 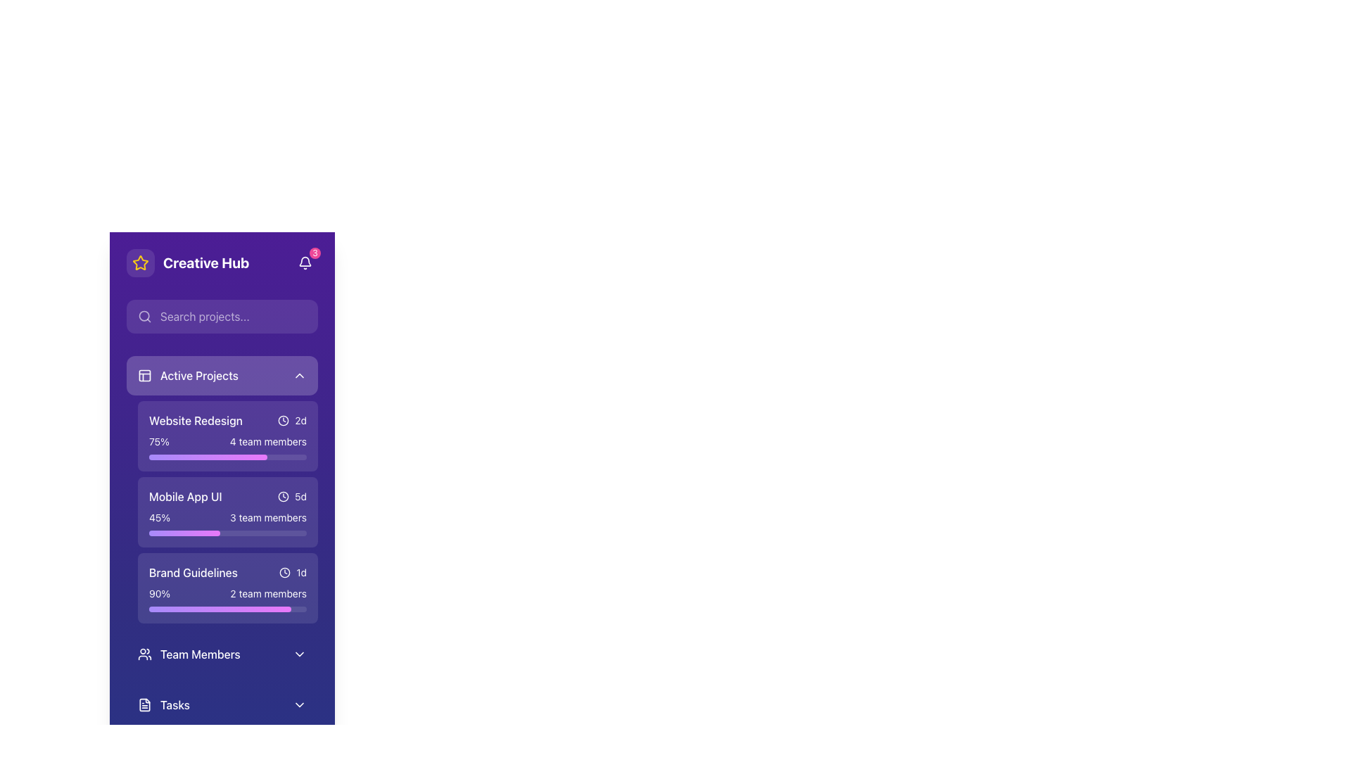 What do you see at coordinates (222, 705) in the screenshot?
I see `the toggle menu item located below the 'Team Members' section` at bounding box center [222, 705].